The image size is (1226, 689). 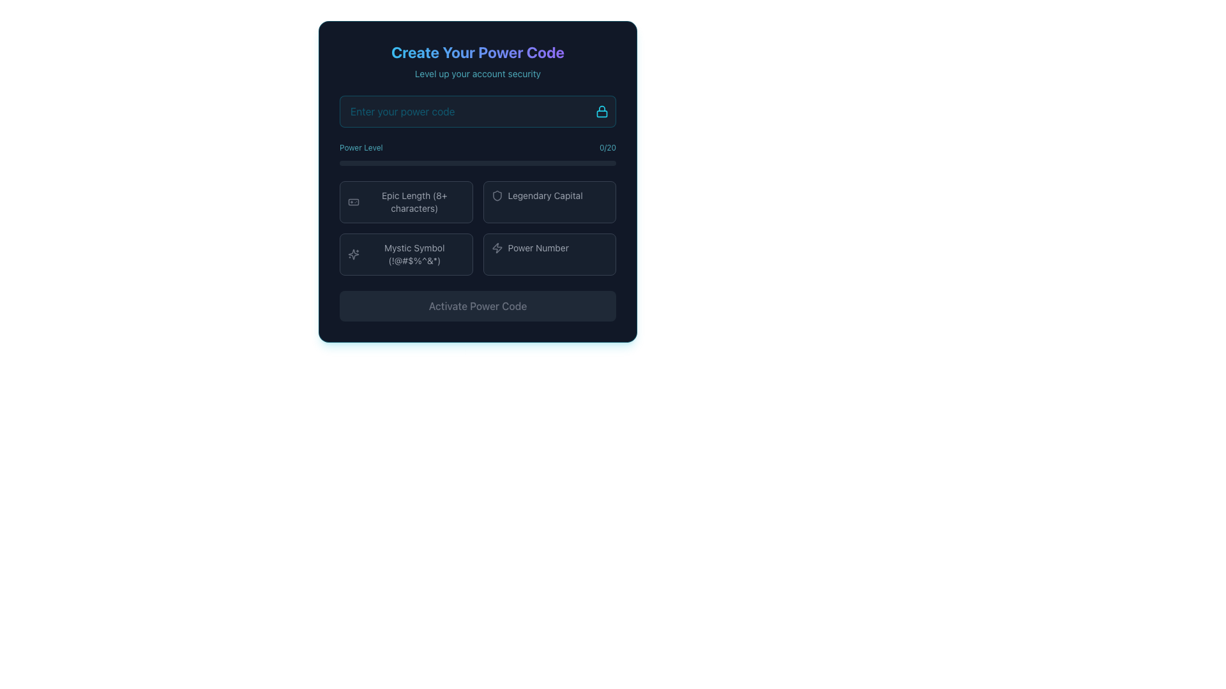 What do you see at coordinates (549, 201) in the screenshot?
I see `the button labeled 'Legendary Capital', which has a dark background, gray border, and a shield icon on the left` at bounding box center [549, 201].